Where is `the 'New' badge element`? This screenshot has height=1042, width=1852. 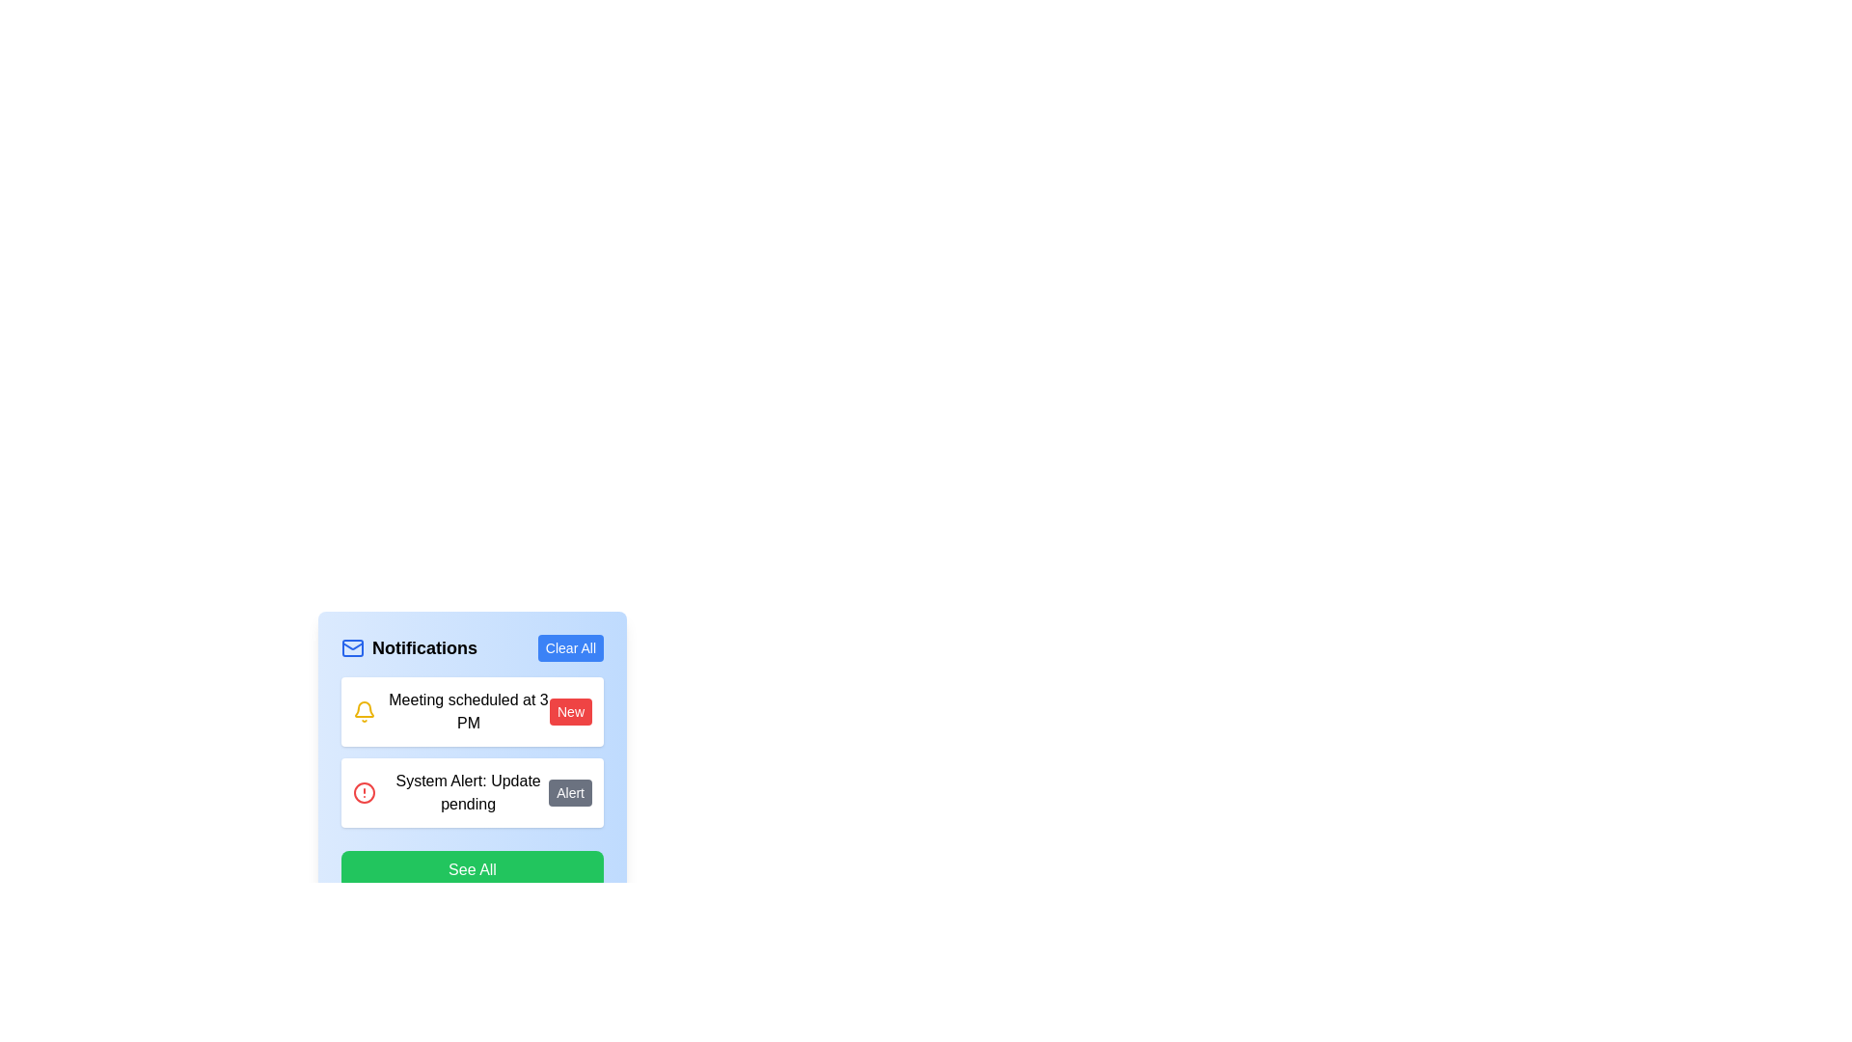 the 'New' badge element is located at coordinates (569, 711).